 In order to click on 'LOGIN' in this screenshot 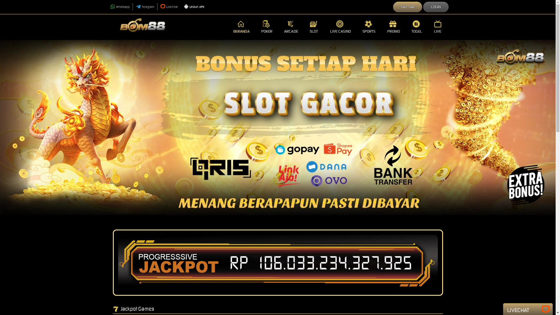, I will do `click(436, 7)`.